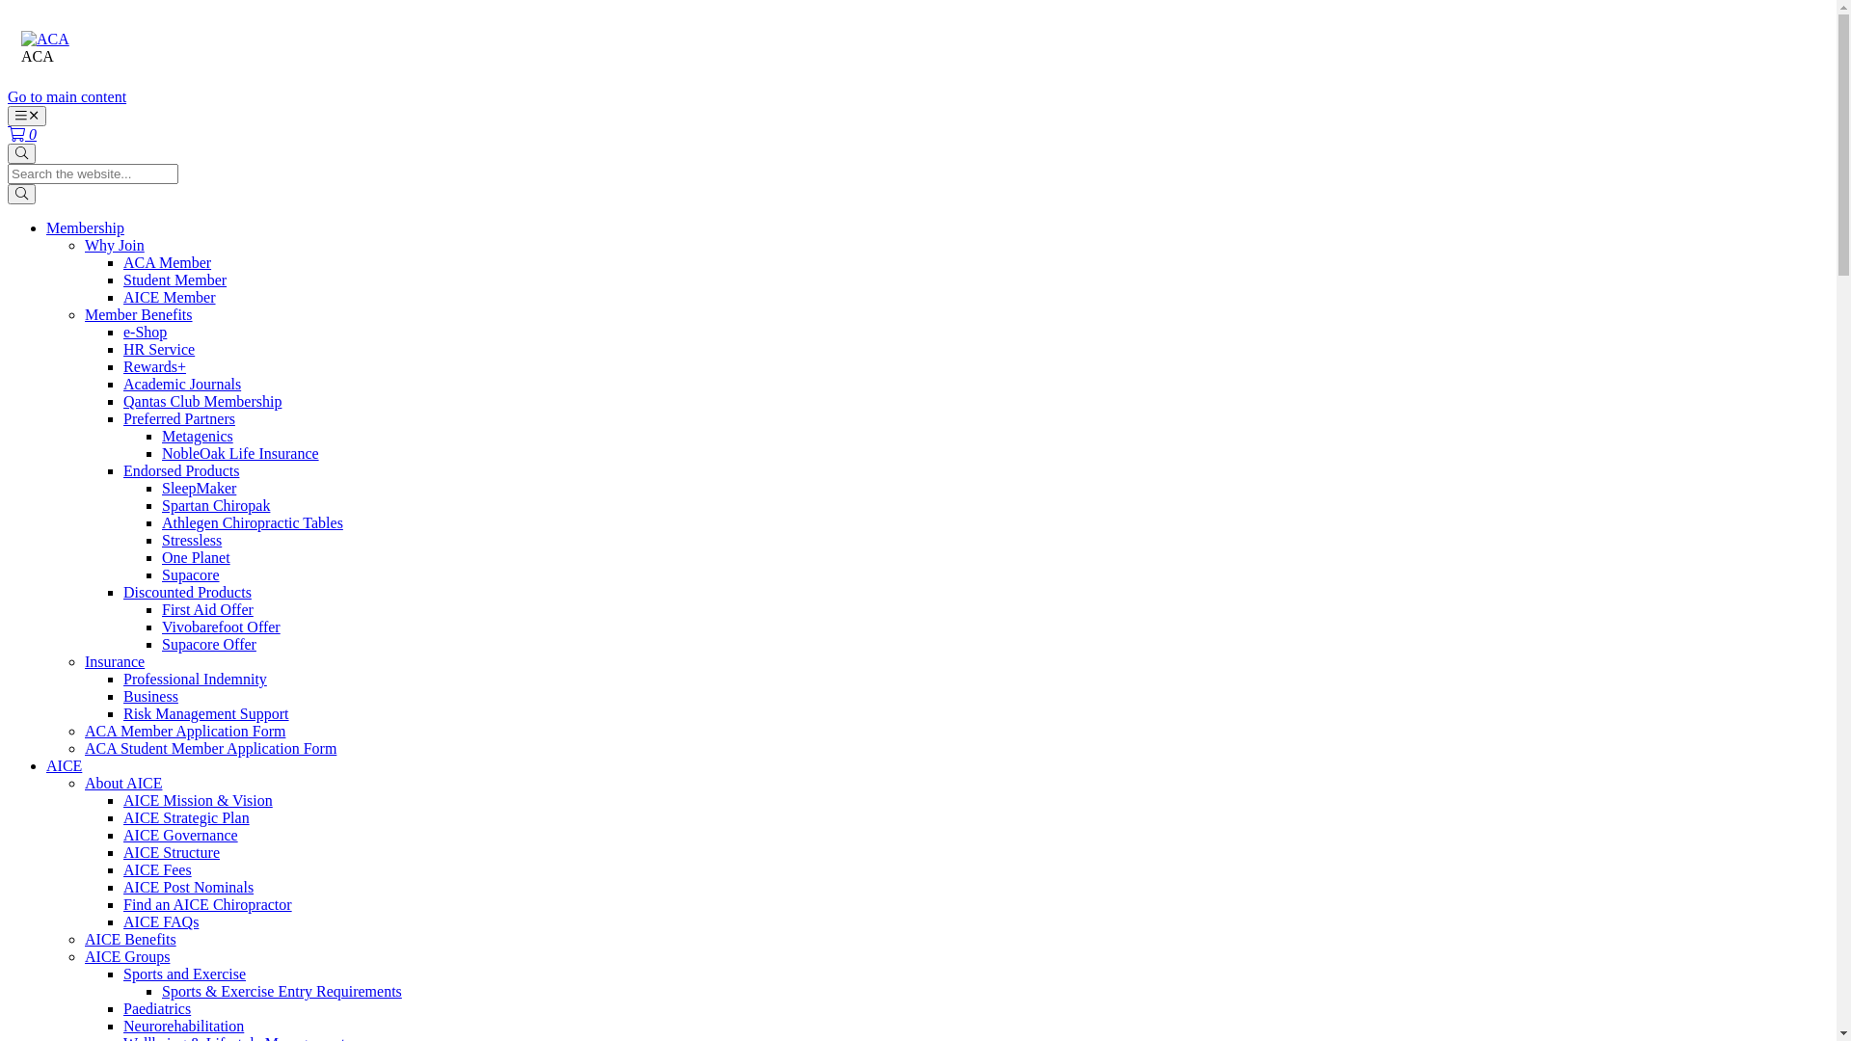 This screenshot has width=1851, height=1041. I want to click on 'Preferred Partners', so click(179, 417).